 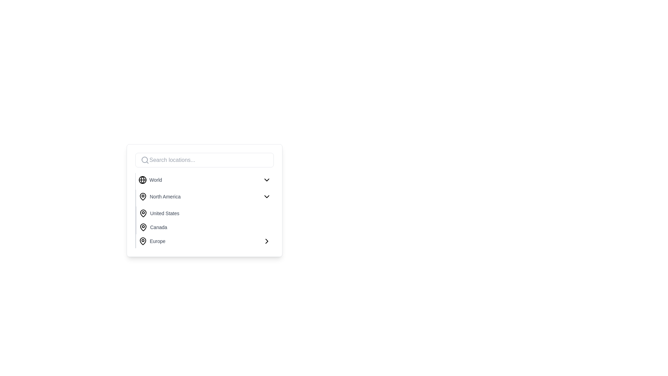 I want to click on the location pin icon next to the text 'North America' in the second row of the dropdown menu, so click(x=142, y=196).